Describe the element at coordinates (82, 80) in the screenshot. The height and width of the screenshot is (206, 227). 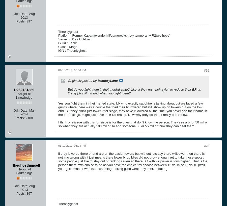
I see `'Originally posted by'` at that location.